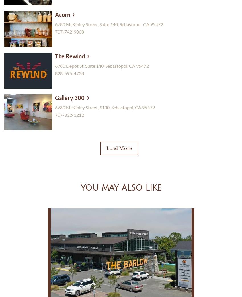 This screenshot has width=242, height=297. What do you see at coordinates (119, 148) in the screenshot?
I see `'Load More'` at bounding box center [119, 148].